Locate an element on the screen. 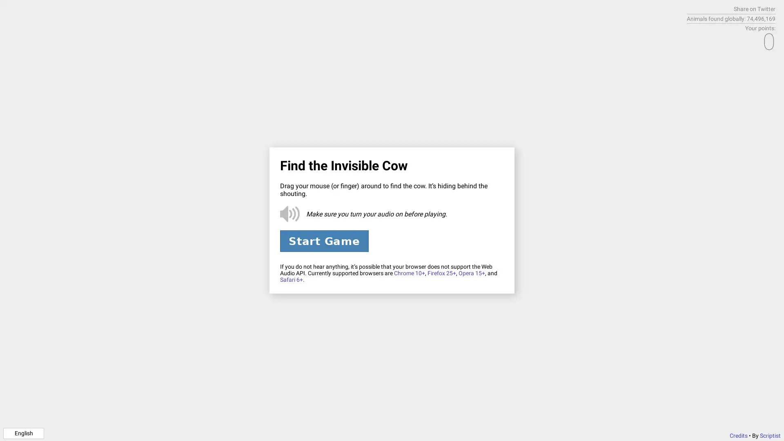 The height and width of the screenshot is (441, 784). English is located at coordinates (23, 432).